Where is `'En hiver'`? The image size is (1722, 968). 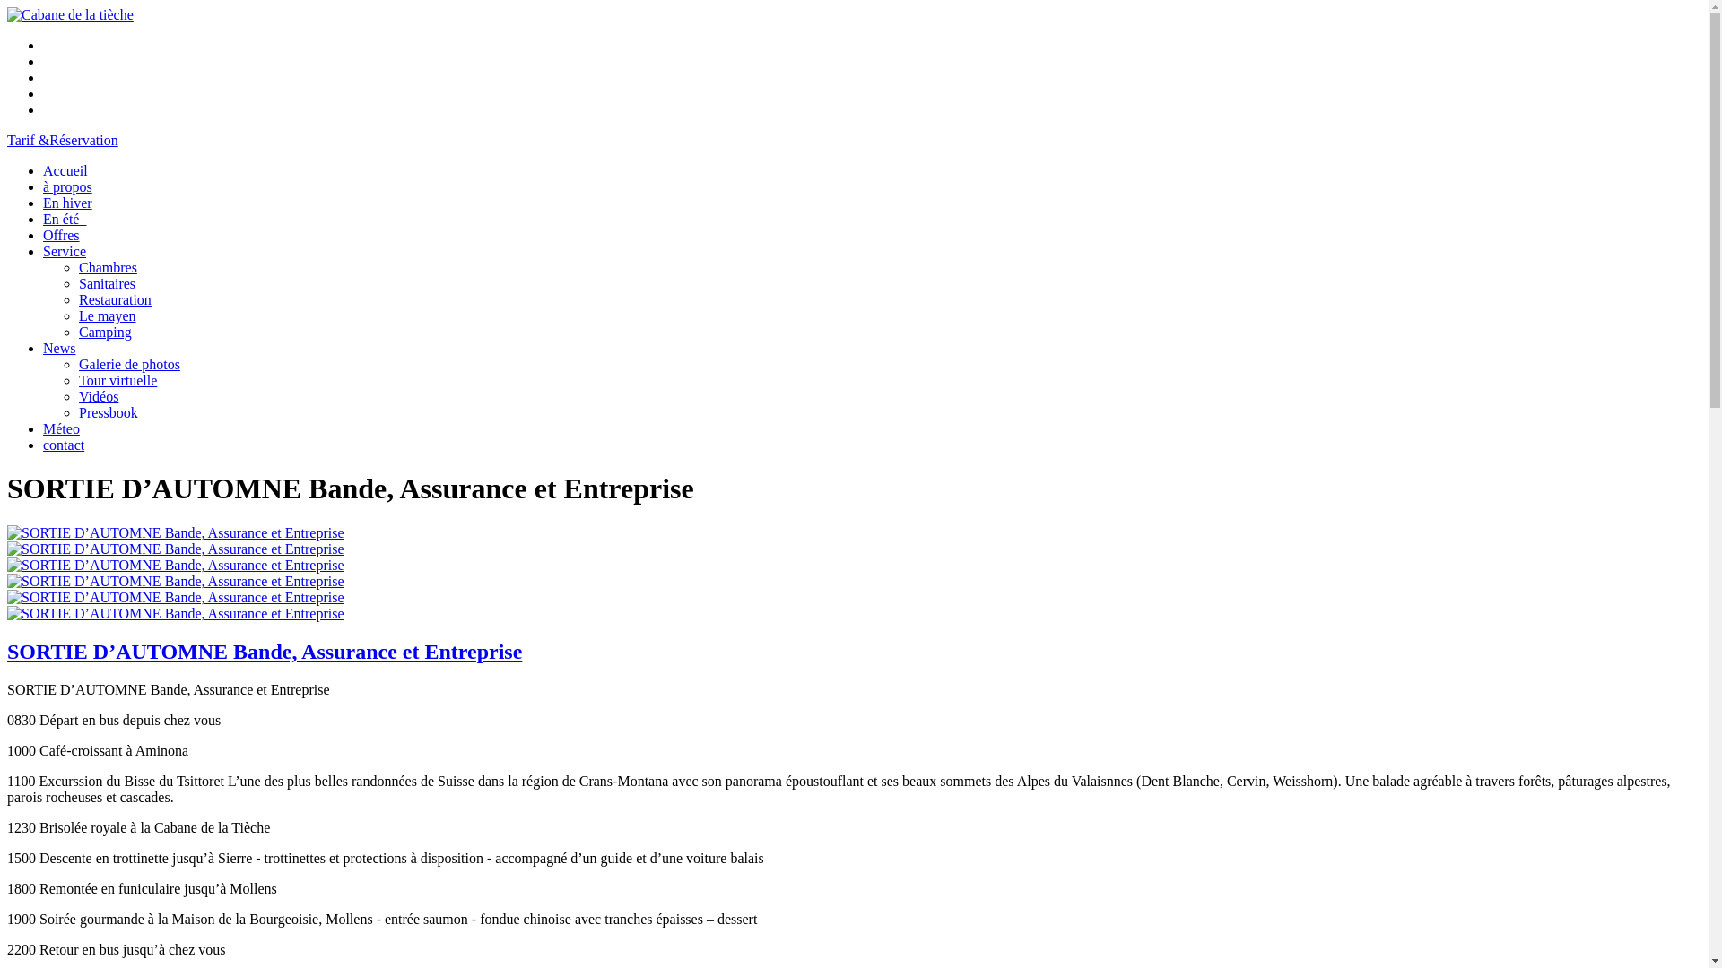 'En hiver' is located at coordinates (67, 202).